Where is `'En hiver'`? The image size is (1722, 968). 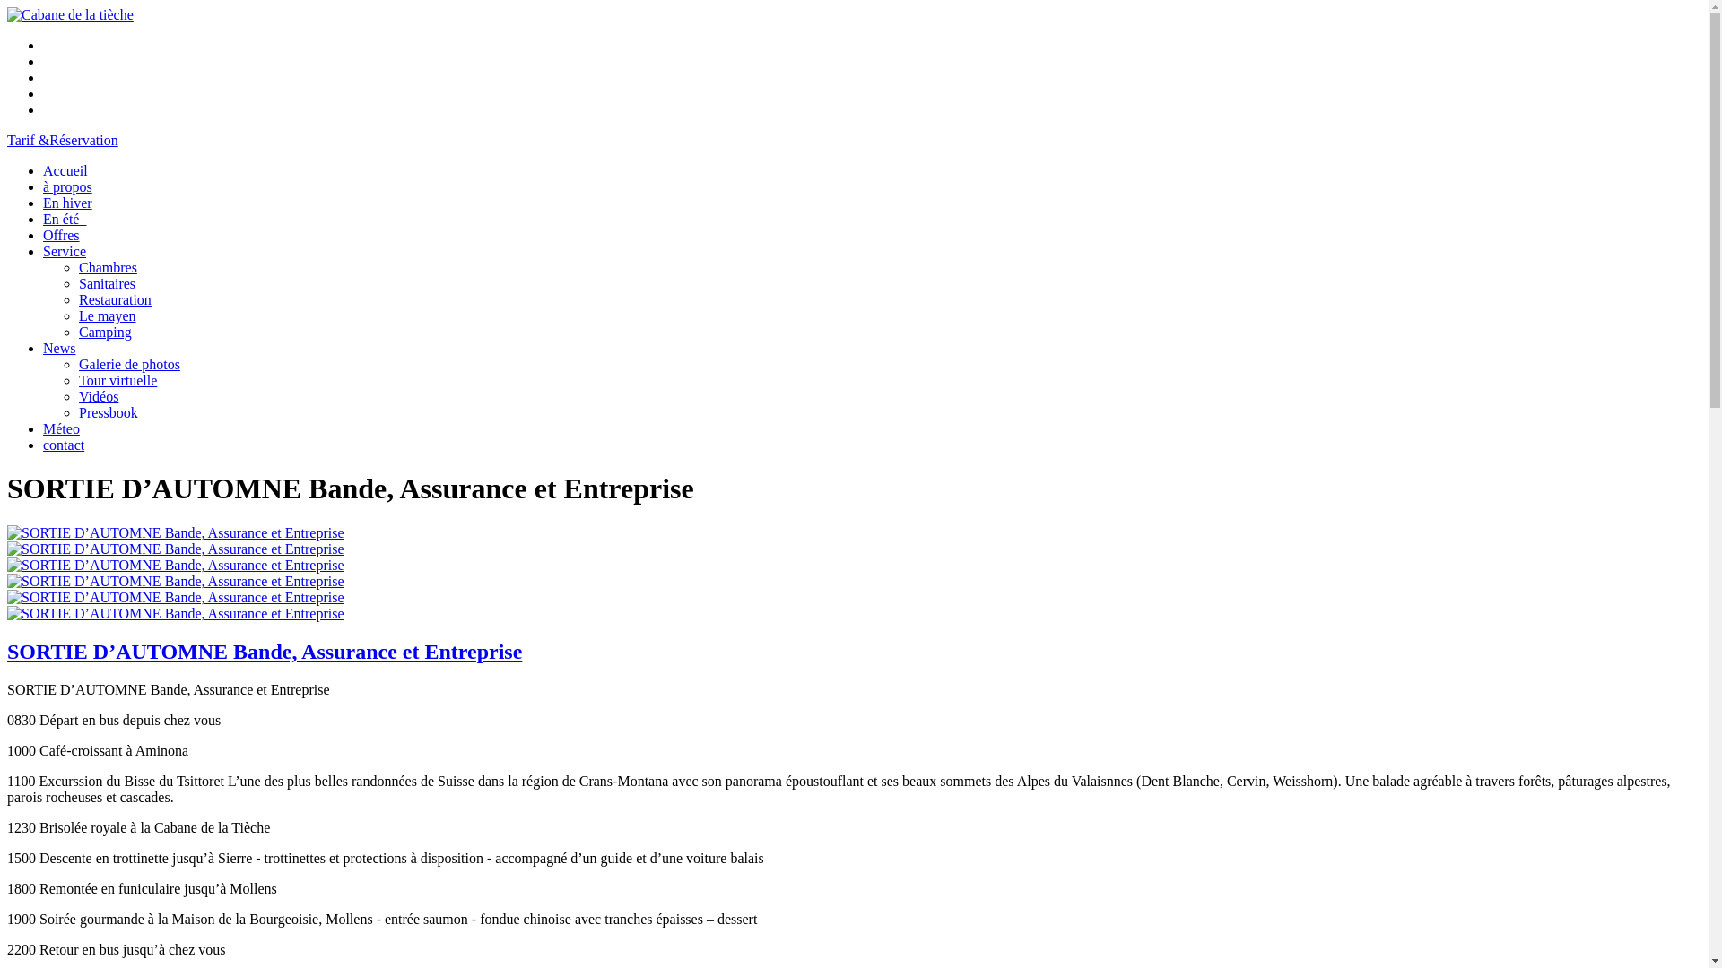 'En hiver' is located at coordinates (67, 202).